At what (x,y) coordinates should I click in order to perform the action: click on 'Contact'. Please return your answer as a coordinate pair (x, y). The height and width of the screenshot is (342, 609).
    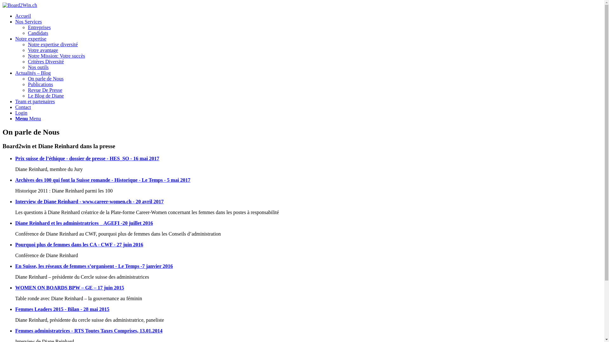
    Looking at the image, I should click on (23, 107).